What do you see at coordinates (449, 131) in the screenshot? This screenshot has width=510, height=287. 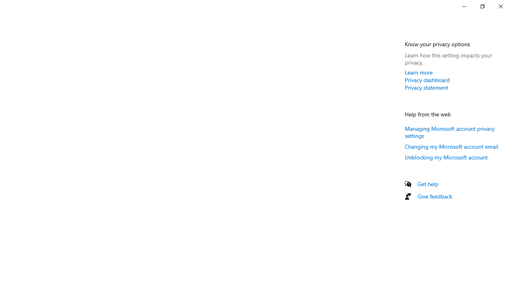 I see `'Managing Microsoft account privacy settings'` at bounding box center [449, 131].